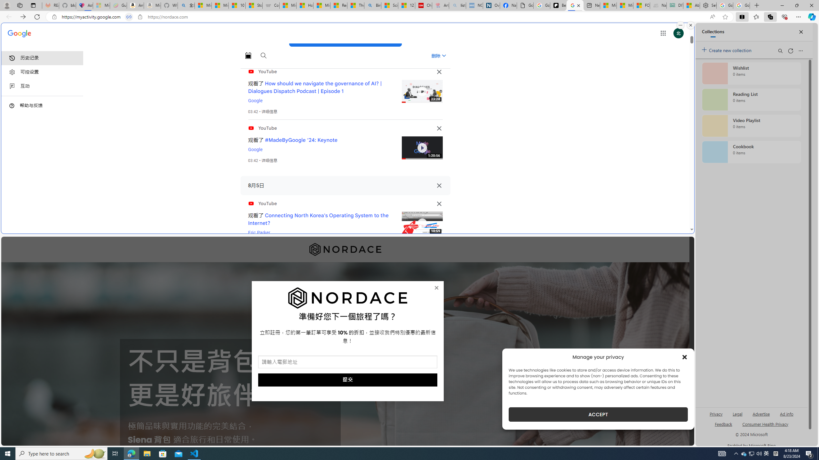 This screenshot has height=460, width=819. I want to click on 'ACCEPT', so click(598, 414).